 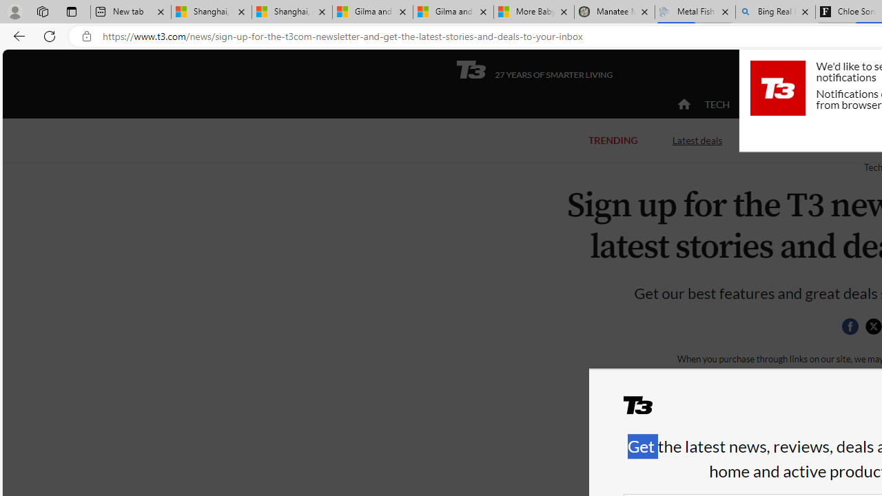 I want to click on 'Class: navigation__item', so click(x=682, y=103).